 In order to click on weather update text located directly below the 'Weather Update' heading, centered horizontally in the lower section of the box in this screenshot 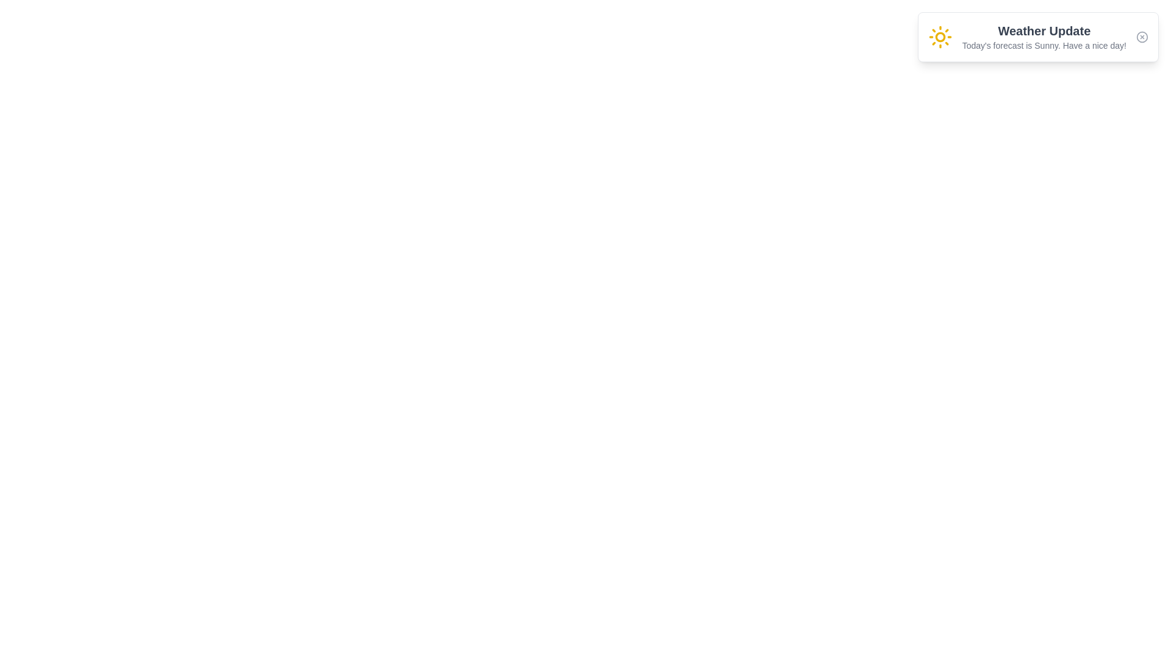, I will do `click(1044, 44)`.